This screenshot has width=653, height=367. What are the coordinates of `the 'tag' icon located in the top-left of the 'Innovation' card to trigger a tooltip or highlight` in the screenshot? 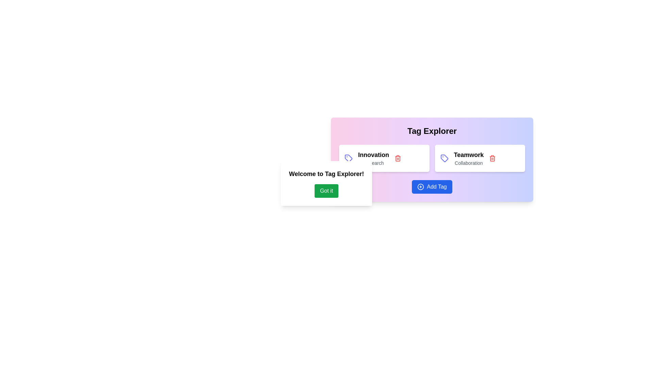 It's located at (349, 158).